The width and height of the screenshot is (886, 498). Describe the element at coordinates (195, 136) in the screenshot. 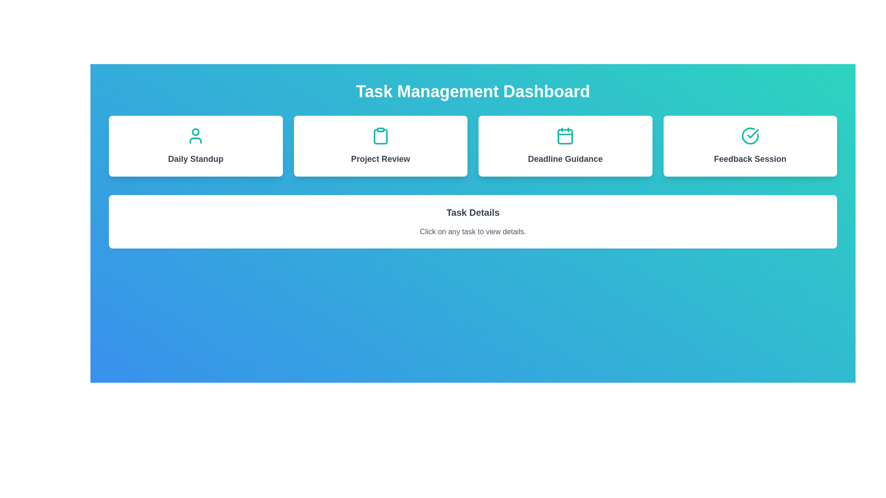

I see `the user silhouette icon, which is styled in teal and located in the upper half of the 'Daily Standup' card` at that location.